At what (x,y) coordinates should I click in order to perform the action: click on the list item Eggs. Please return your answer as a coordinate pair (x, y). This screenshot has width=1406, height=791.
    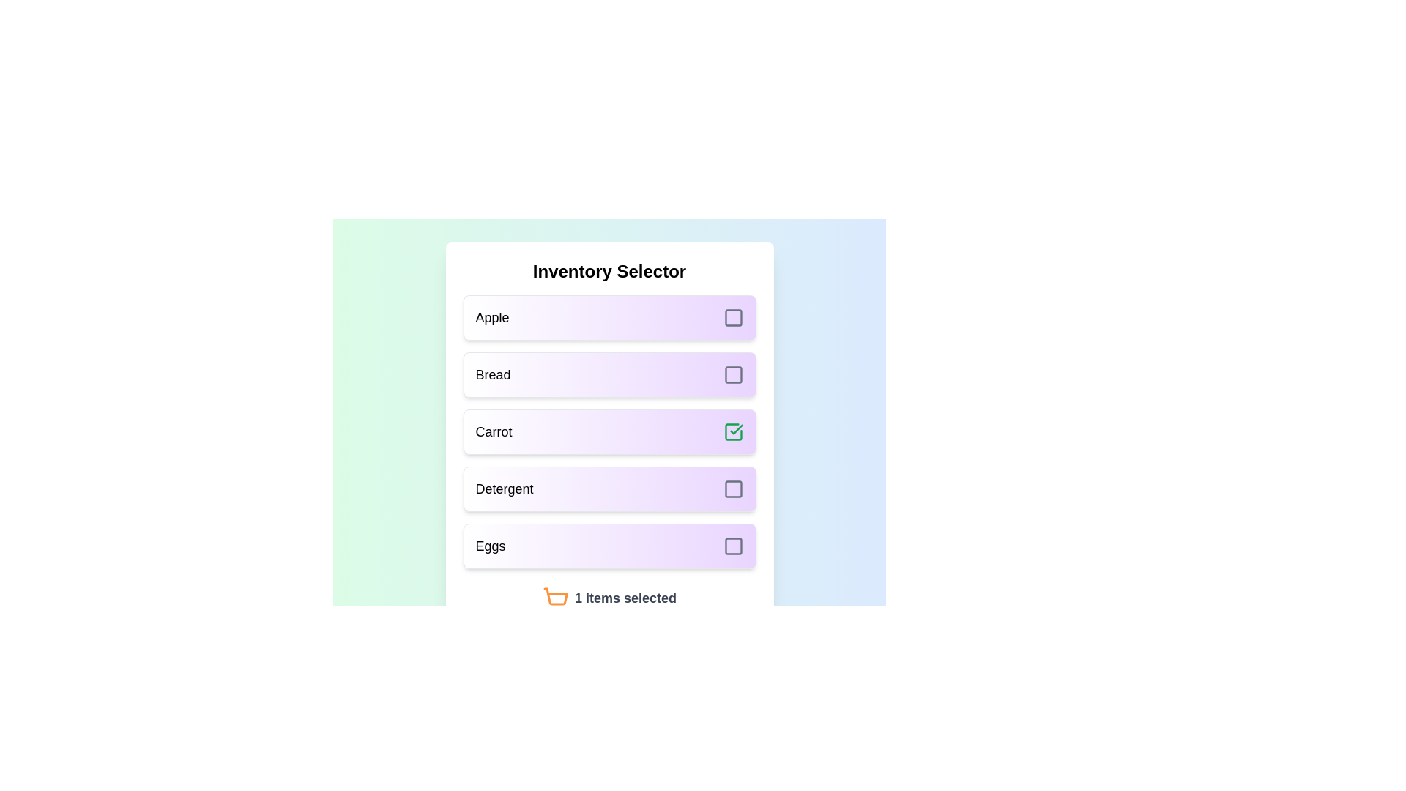
    Looking at the image, I should click on (609, 546).